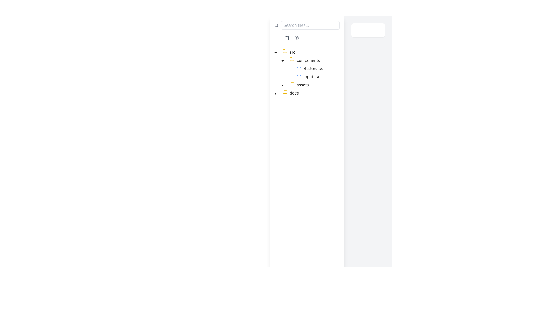 This screenshot has width=560, height=315. What do you see at coordinates (278, 38) in the screenshot?
I see `the first button in a row of three located in the top-left section of the interface` at bounding box center [278, 38].